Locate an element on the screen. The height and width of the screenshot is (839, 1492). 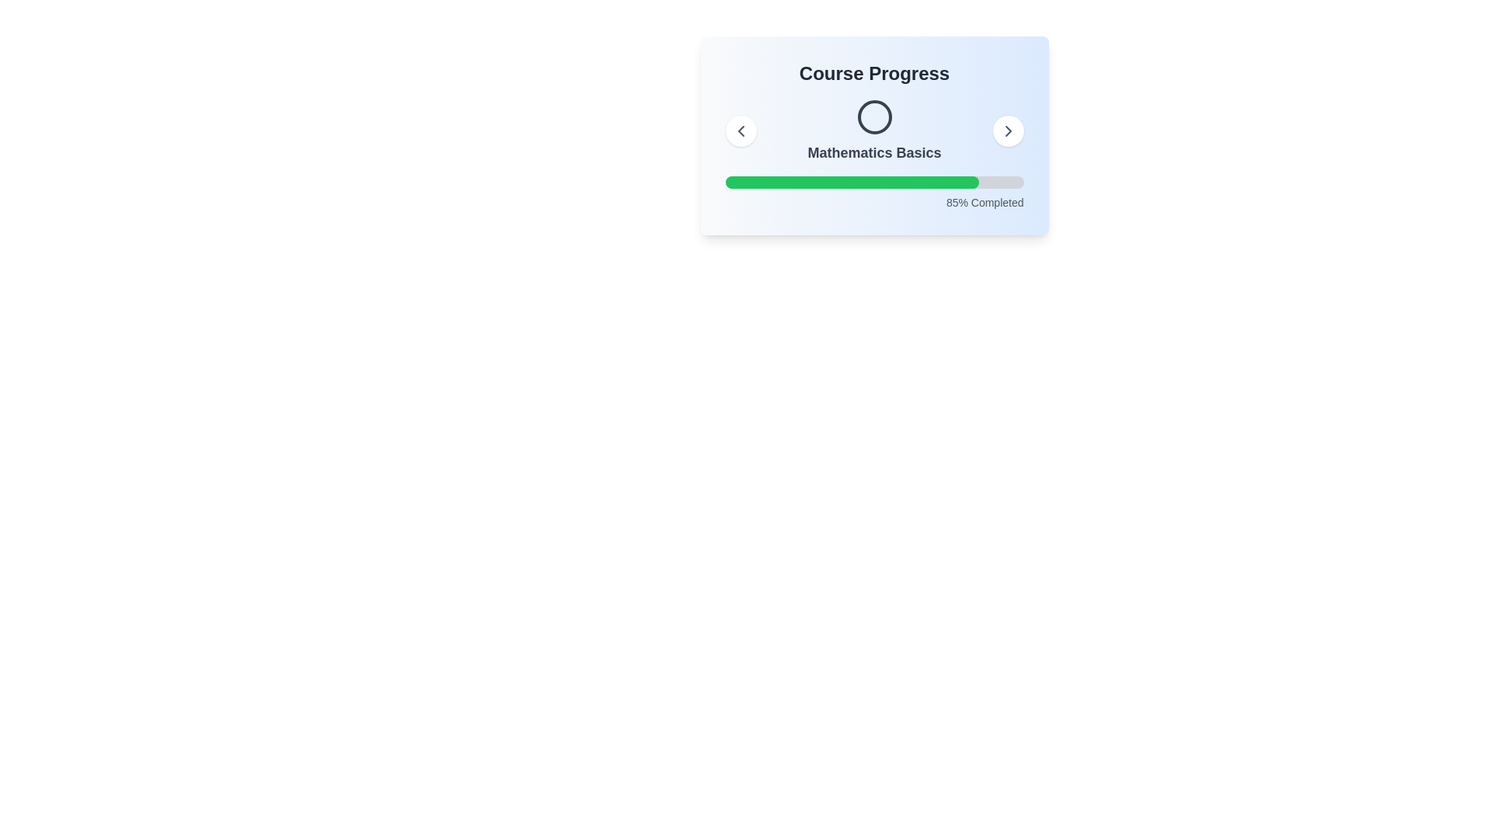
the circular button with a white background and a right-pointing chevron icon, located to the right of the 'Mathematics Basics' section is located at coordinates (1008, 131).